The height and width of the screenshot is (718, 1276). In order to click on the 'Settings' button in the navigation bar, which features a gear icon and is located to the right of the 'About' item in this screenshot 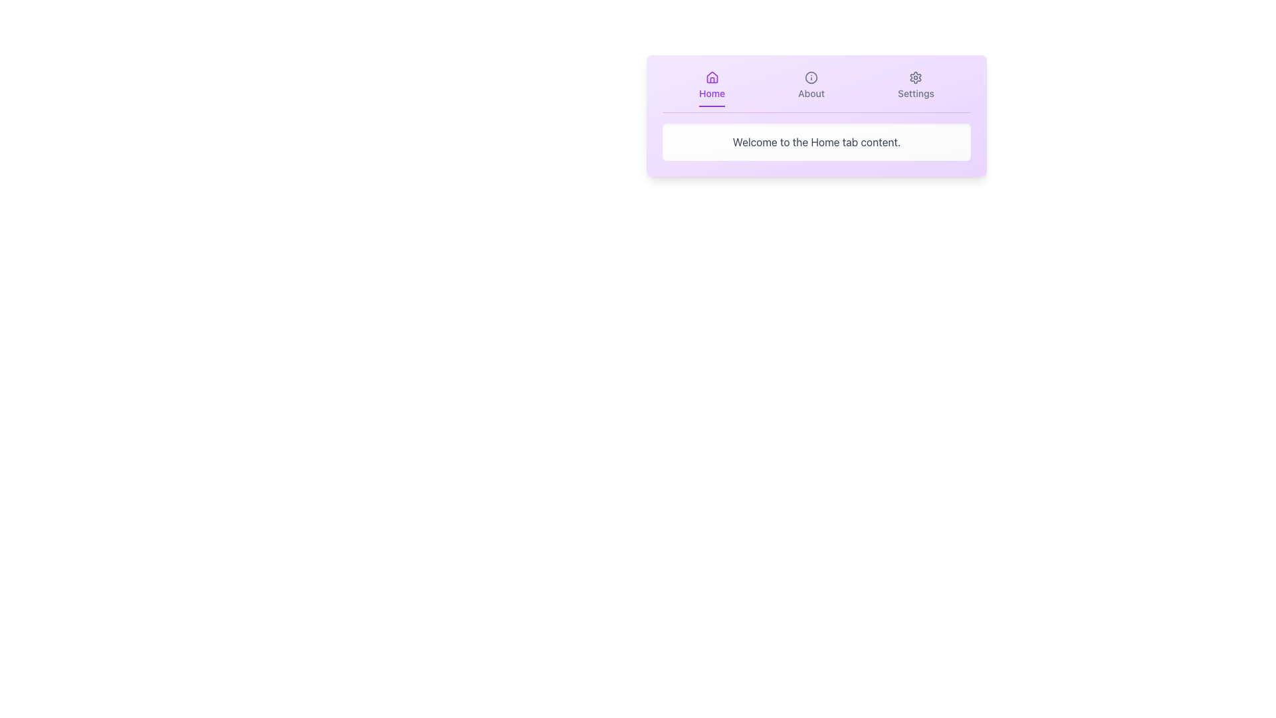, I will do `click(915, 89)`.